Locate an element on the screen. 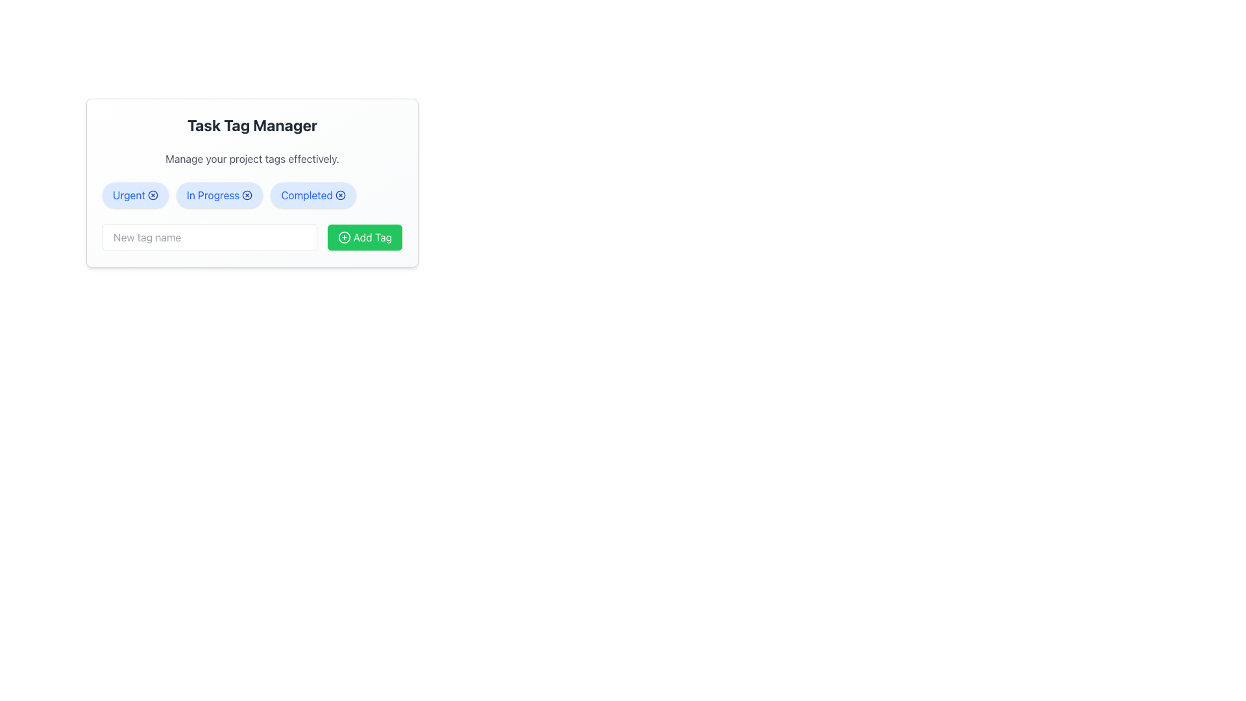  the text label displaying 'In Progress', which is styled in blue and located within the 'Task Tag Manager' section, between the 'Urgent' and 'Completed' tags is located at coordinates (213, 195).